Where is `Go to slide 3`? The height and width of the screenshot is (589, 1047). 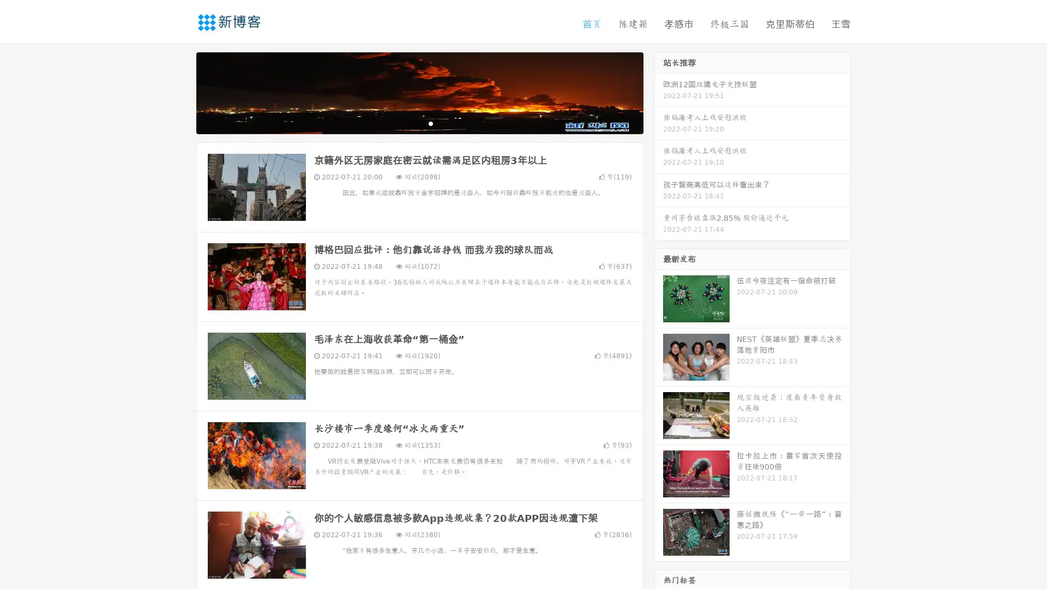 Go to slide 3 is located at coordinates (430, 123).